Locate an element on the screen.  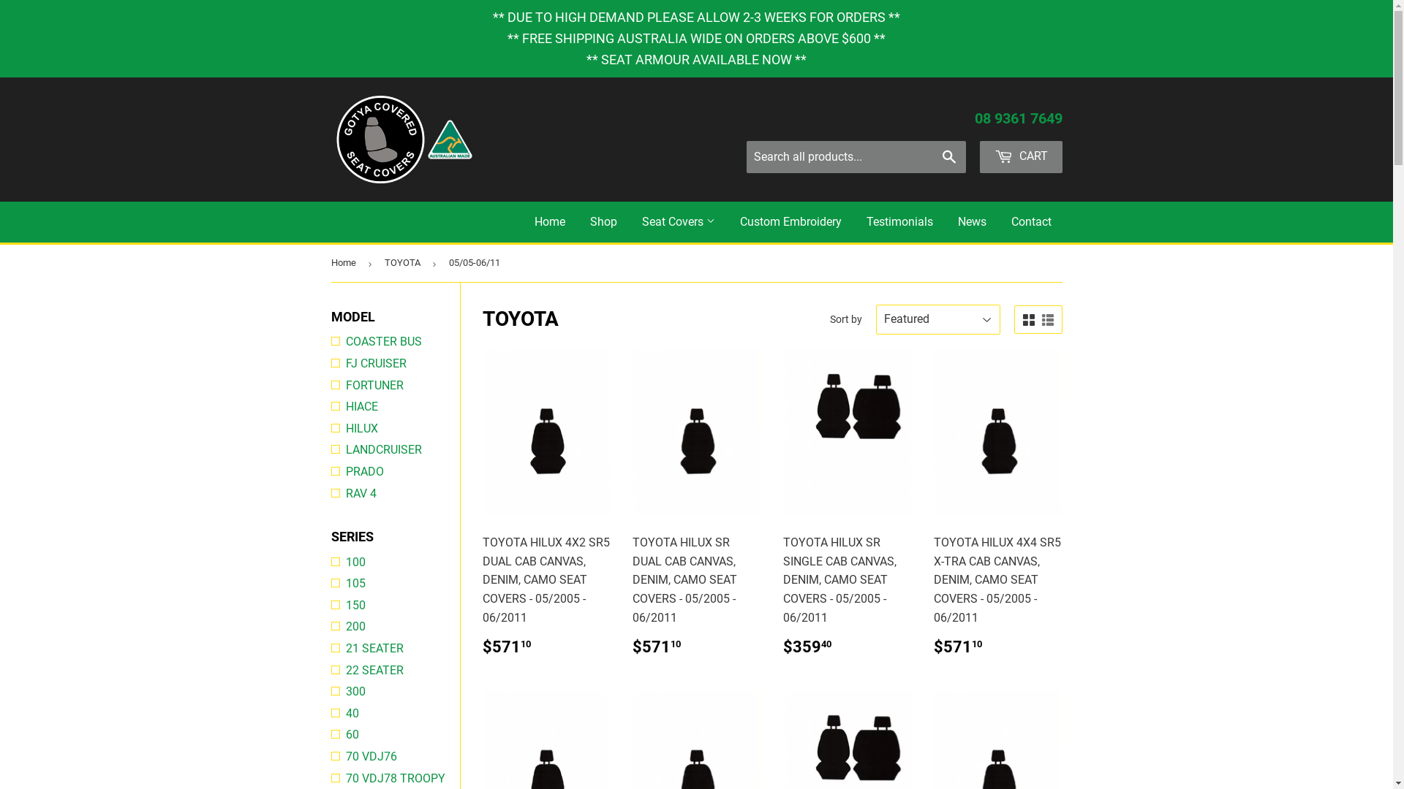
'08 9361 7649' is located at coordinates (1017, 118).